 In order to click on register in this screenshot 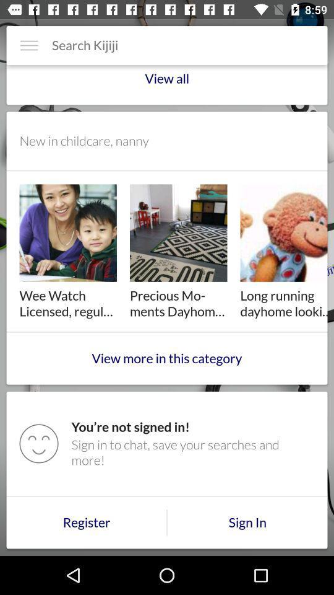, I will do `click(85, 522)`.